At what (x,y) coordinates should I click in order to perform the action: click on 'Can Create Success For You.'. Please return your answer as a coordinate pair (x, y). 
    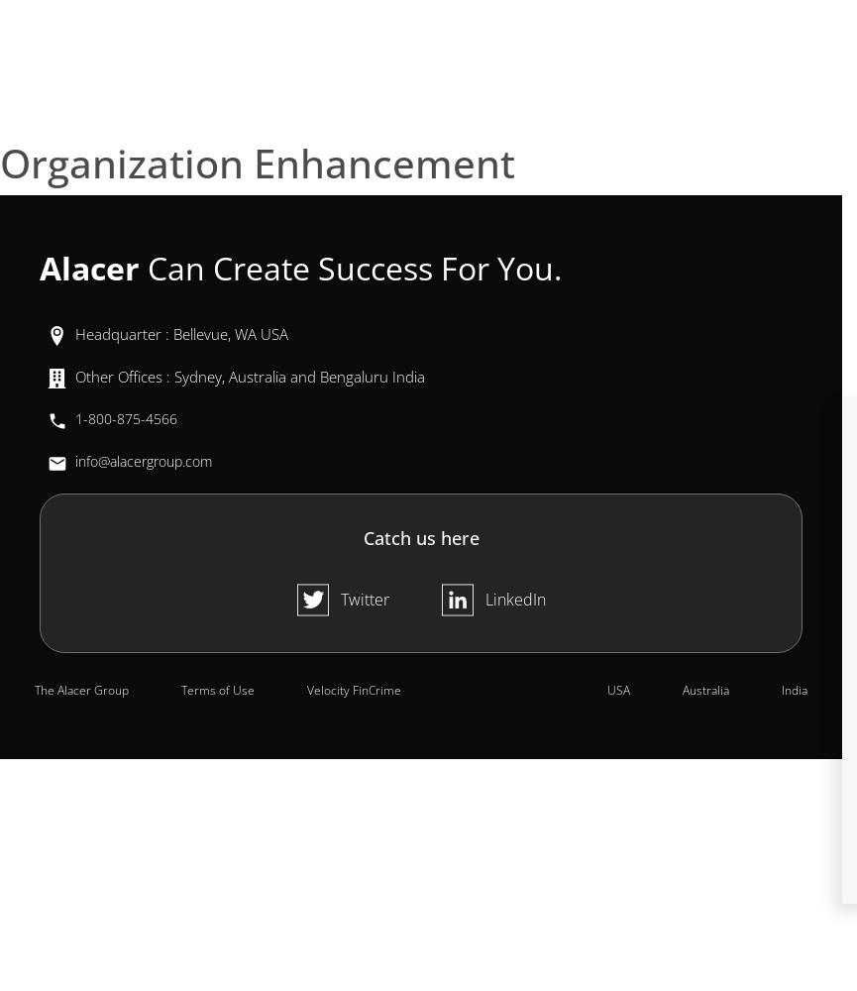
    Looking at the image, I should click on (139, 268).